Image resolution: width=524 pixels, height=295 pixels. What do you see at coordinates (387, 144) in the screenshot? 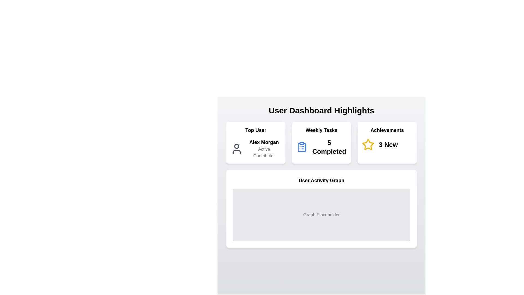
I see `the 'Achievements' text with icon element` at bounding box center [387, 144].